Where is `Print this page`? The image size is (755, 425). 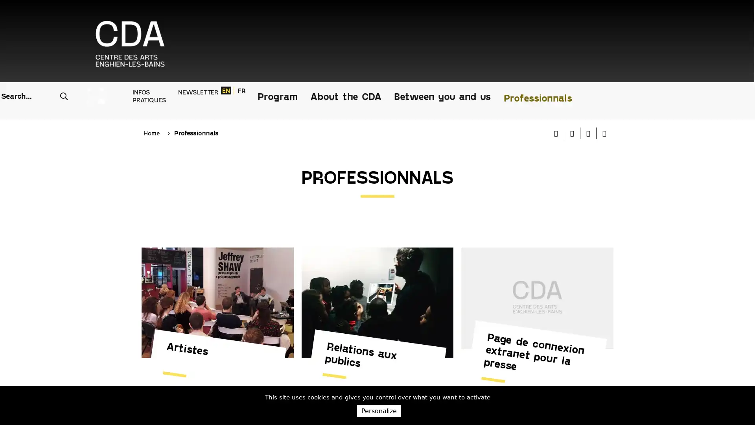
Print this page is located at coordinates (556, 78).